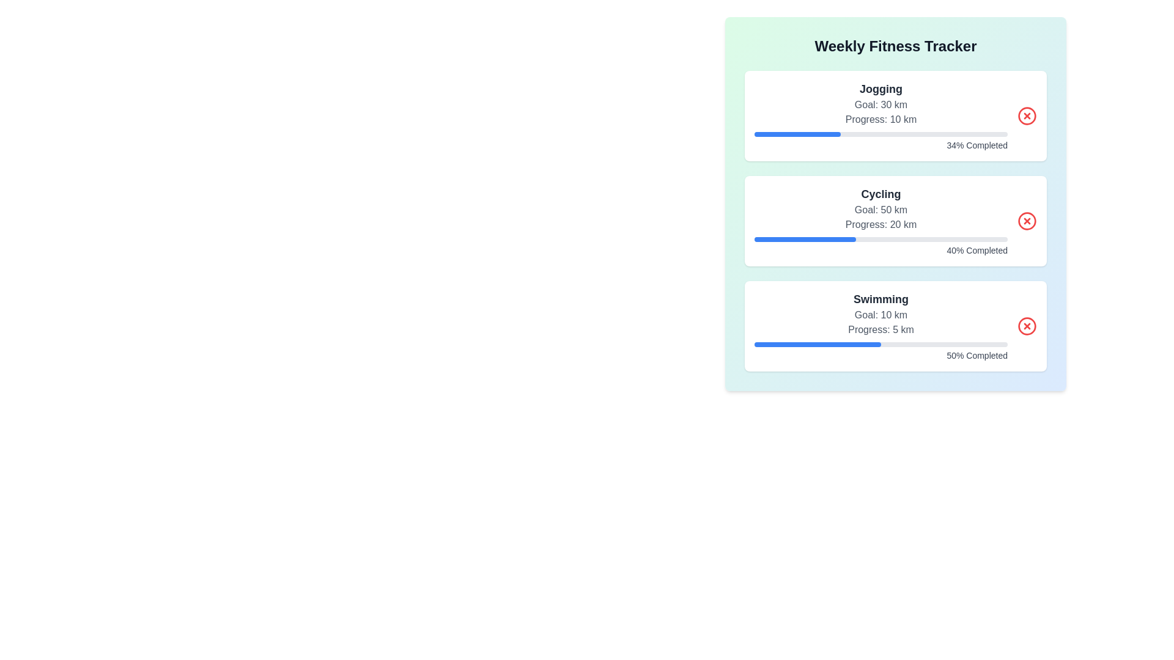 Image resolution: width=1174 pixels, height=660 pixels. Describe the element at coordinates (880, 299) in the screenshot. I see `the header text 'Swimming' in the third card` at that location.